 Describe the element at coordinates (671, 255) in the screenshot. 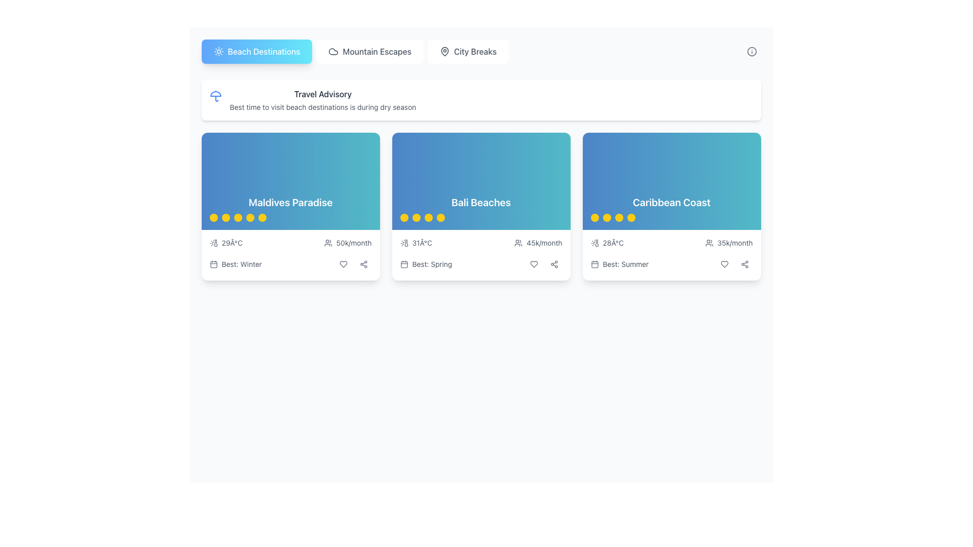

I see `information from the informational block located at the bottom section of the 'Caribbean Coast' card in the rightmost column of the layout` at that location.